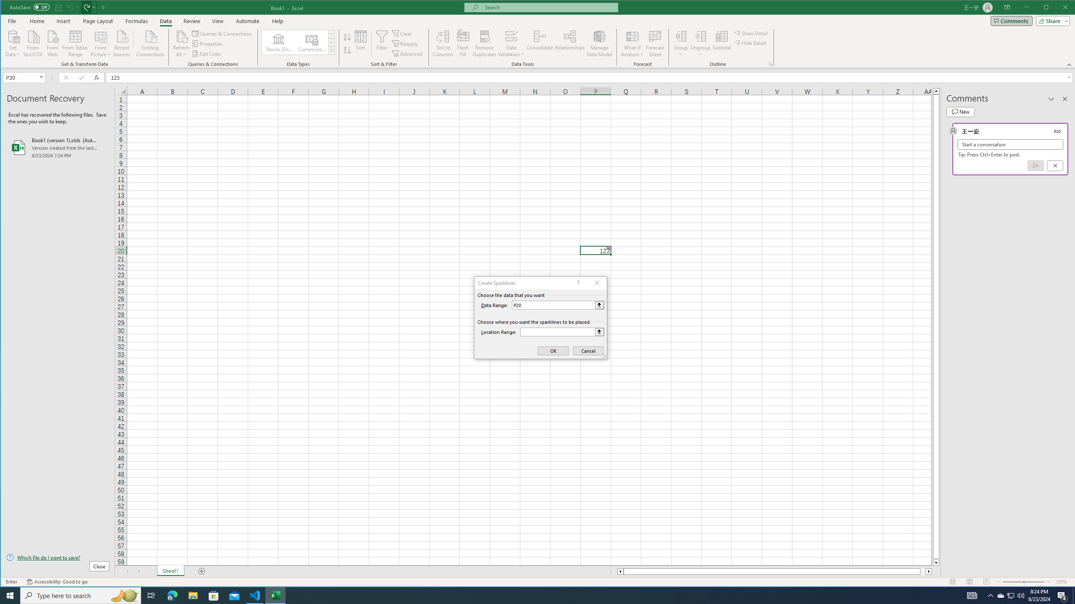 Image resolution: width=1075 pixels, height=604 pixels. I want to click on 'Stocks (English)', so click(279, 42).